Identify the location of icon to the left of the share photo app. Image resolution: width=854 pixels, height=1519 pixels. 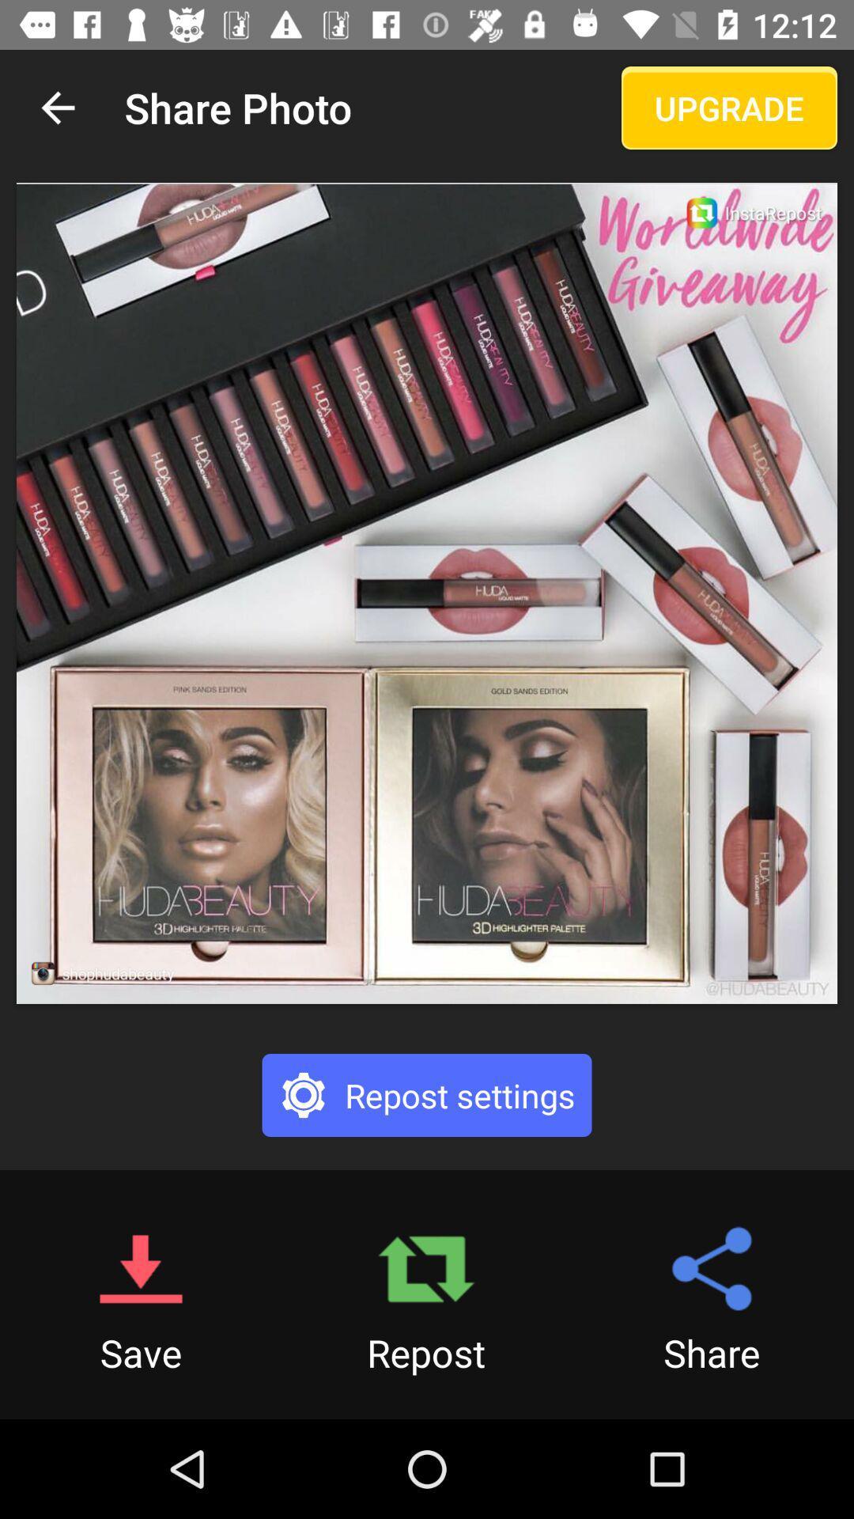
(57, 107).